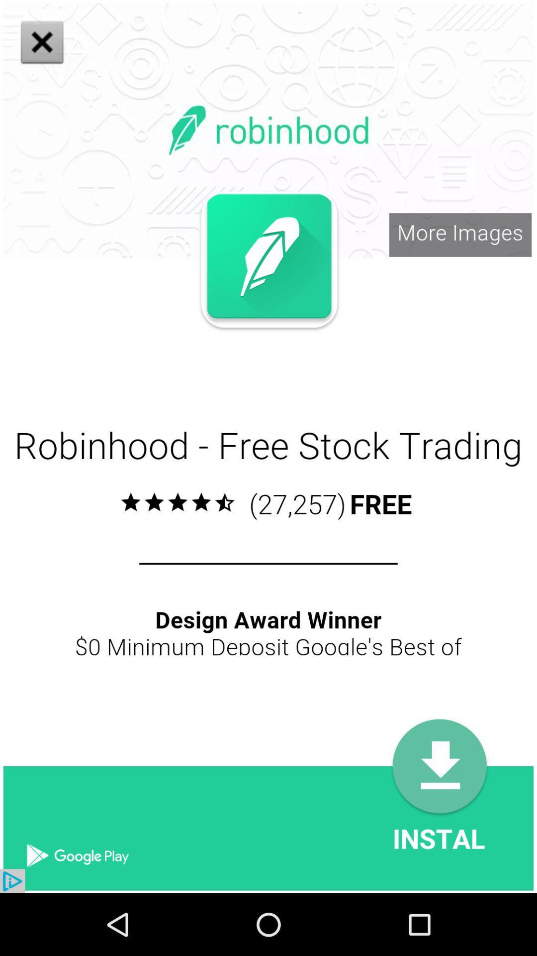 The width and height of the screenshot is (537, 956). I want to click on close, so click(208, 347).